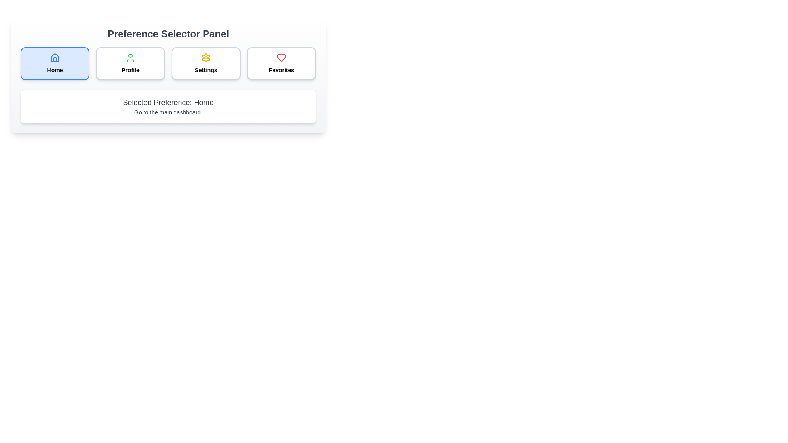 This screenshot has height=443, width=788. What do you see at coordinates (206, 57) in the screenshot?
I see `the visual state of the gear icon representing settings, located in the 'Settings' button, third from the left in the top row of the interface` at bounding box center [206, 57].